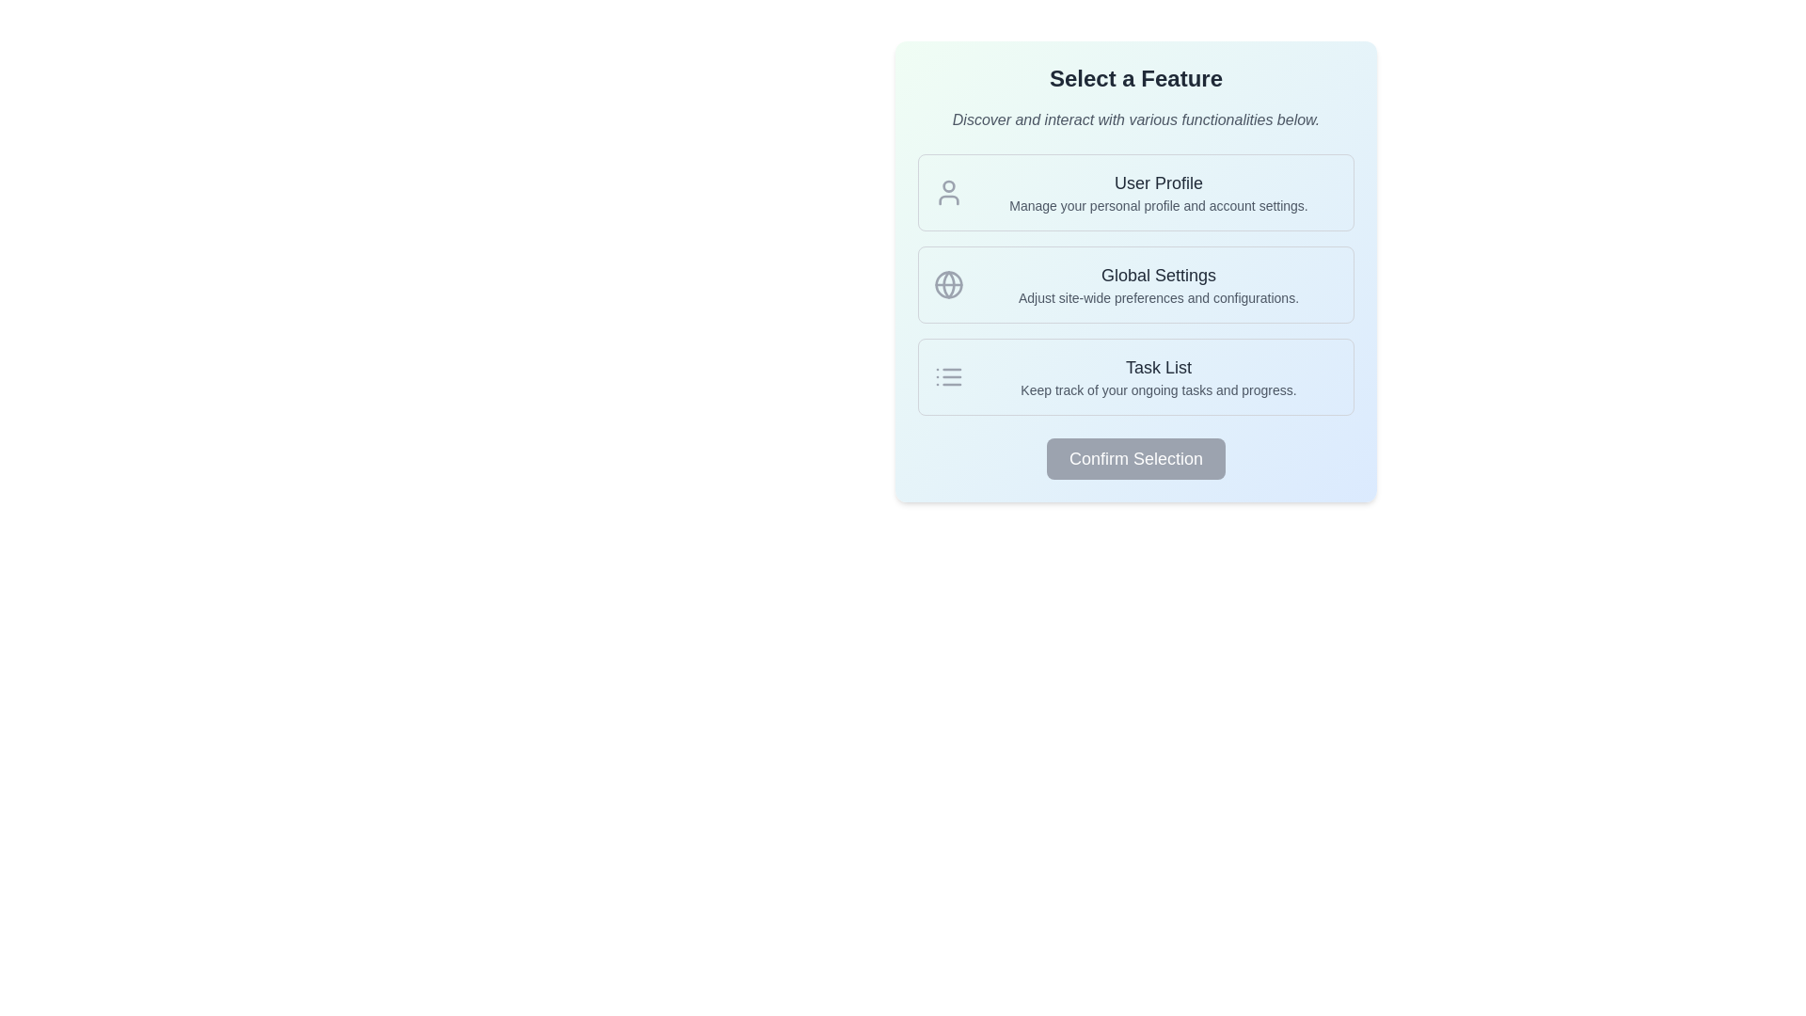 This screenshot has height=1016, width=1806. I want to click on the hollow circular element representing the head in the User Profile icon located at the upper middle region of the icon, so click(948, 185).